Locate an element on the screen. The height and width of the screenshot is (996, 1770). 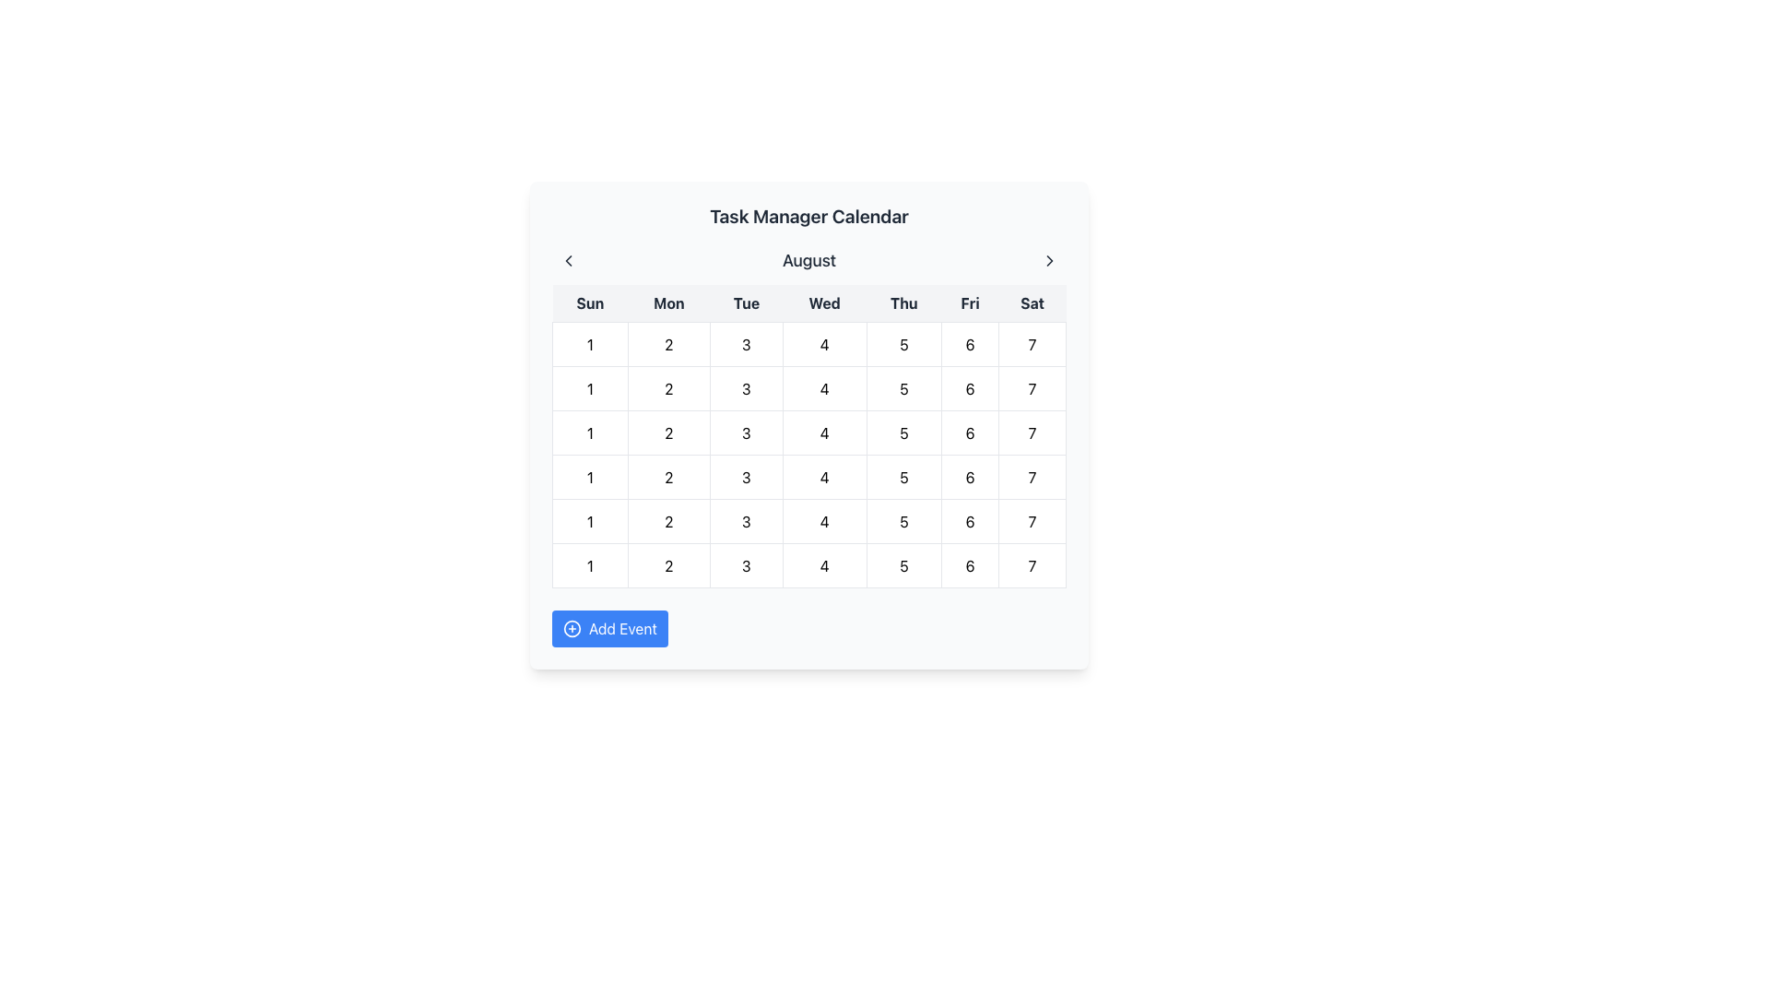
the 'Monday' text label in the weekly calendar header, which is located between 'Sun' and 'Tue' is located at coordinates (667, 302).